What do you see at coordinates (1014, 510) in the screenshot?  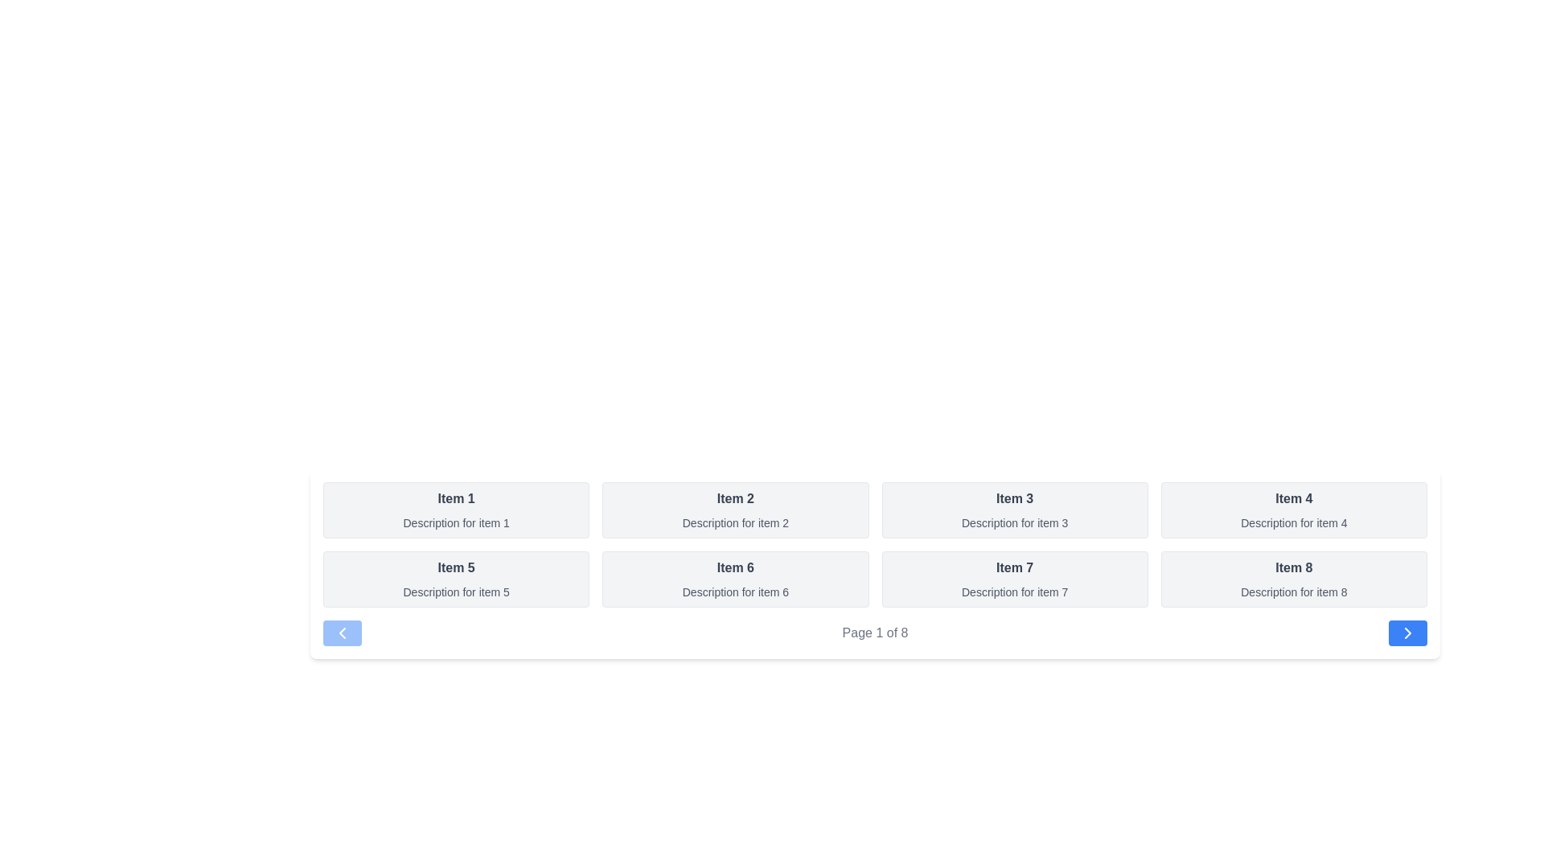 I see `the Display card which has a light gray background, displaying 'Item 3' in bold text at the top and 'Description for item 3' below it` at bounding box center [1014, 510].